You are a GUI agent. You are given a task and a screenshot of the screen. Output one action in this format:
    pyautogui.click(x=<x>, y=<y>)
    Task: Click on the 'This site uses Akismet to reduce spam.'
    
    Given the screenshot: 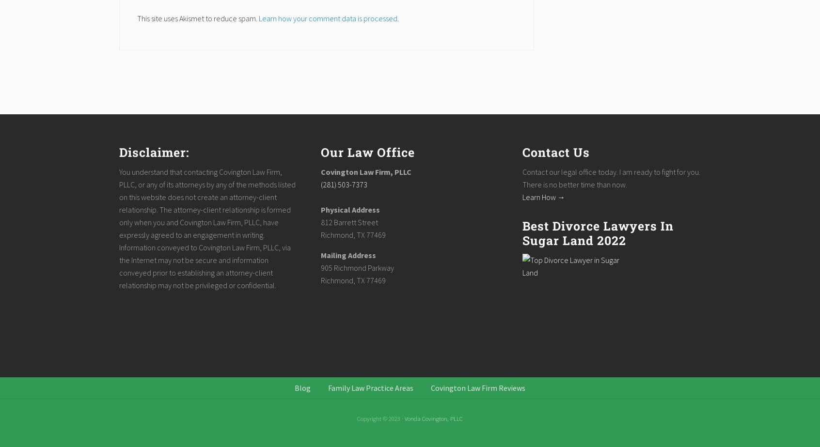 What is the action you would take?
    pyautogui.click(x=198, y=18)
    